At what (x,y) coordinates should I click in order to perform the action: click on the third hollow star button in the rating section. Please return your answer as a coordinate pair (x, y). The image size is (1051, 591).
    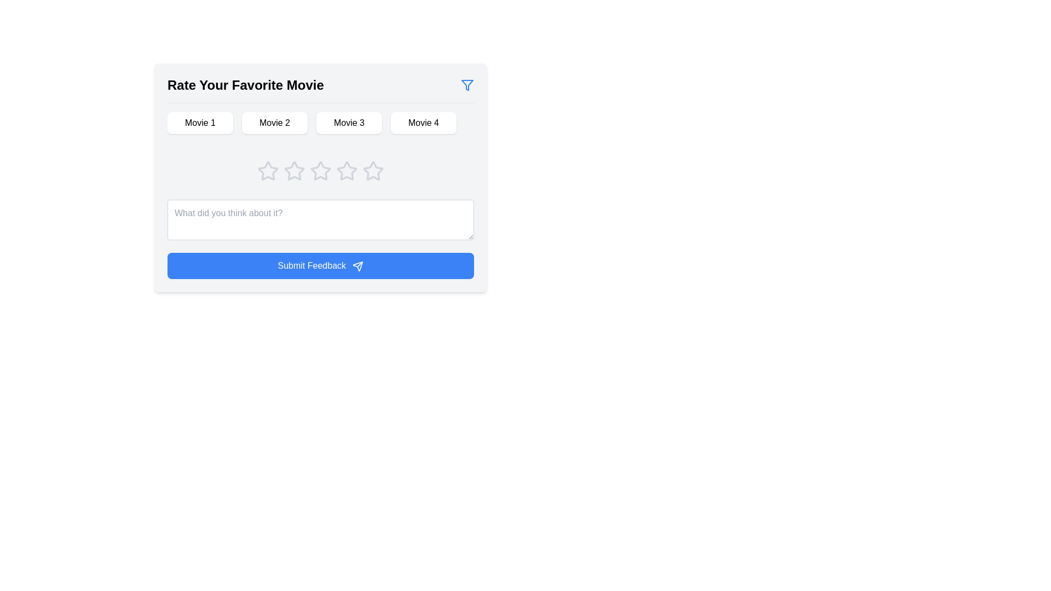
    Looking at the image, I should click on (294, 171).